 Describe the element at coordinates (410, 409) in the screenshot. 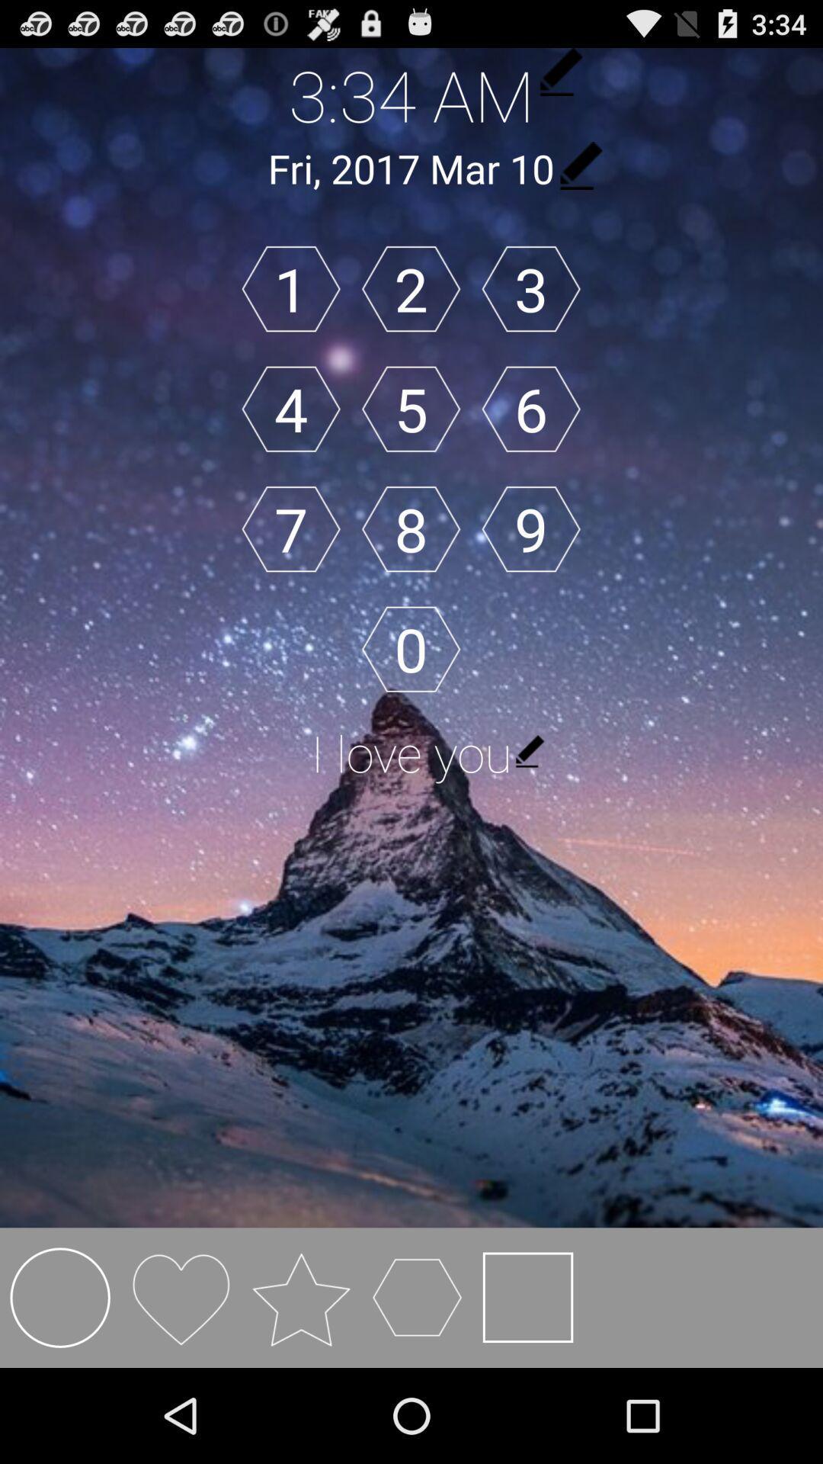

I see `icon to the left of 6` at that location.